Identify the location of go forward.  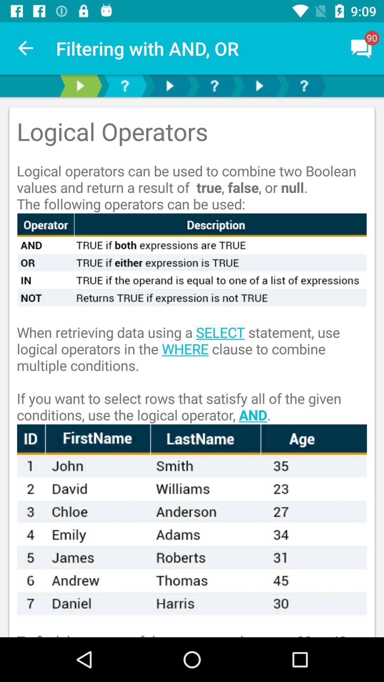
(259, 85).